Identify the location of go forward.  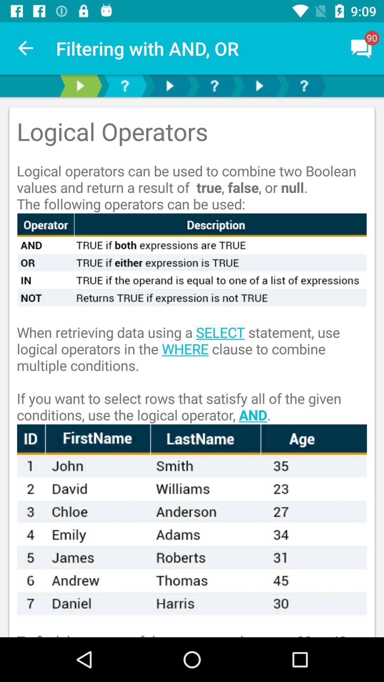
(259, 85).